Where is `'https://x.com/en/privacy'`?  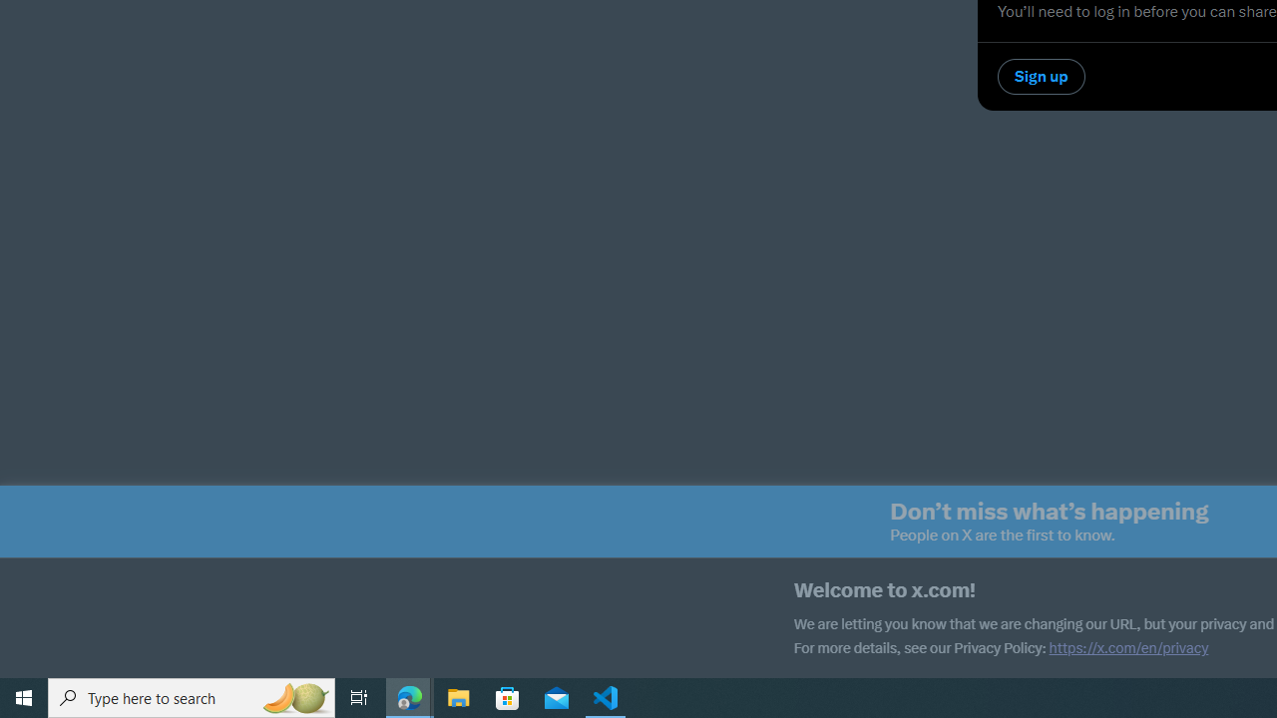 'https://x.com/en/privacy' is located at coordinates (1128, 648).